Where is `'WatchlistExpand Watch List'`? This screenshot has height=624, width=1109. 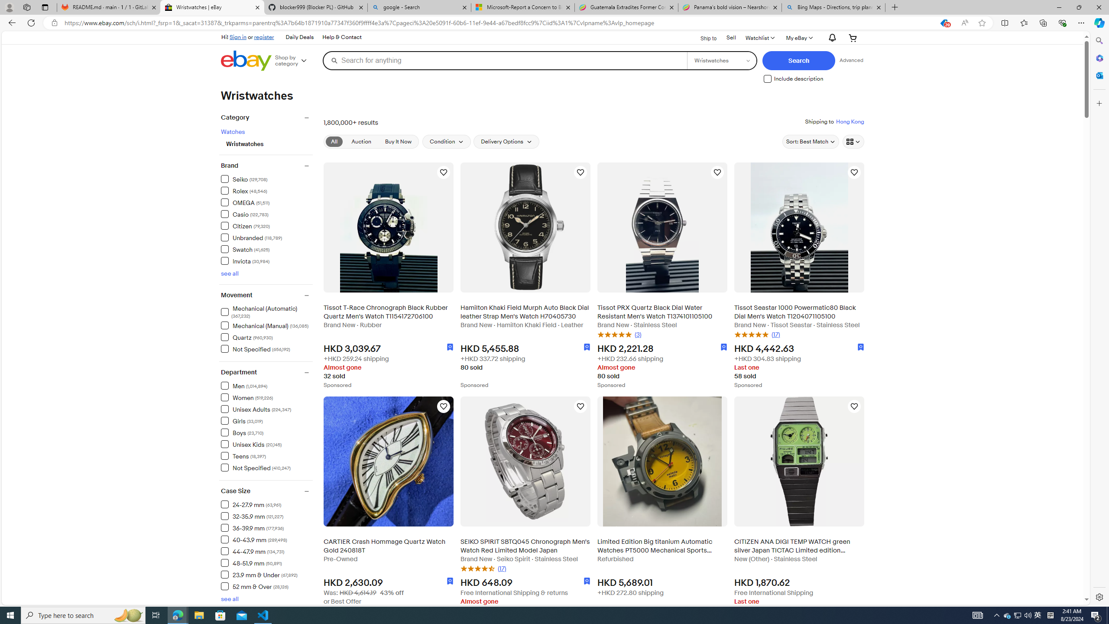
'WatchlistExpand Watch List' is located at coordinates (759, 38).